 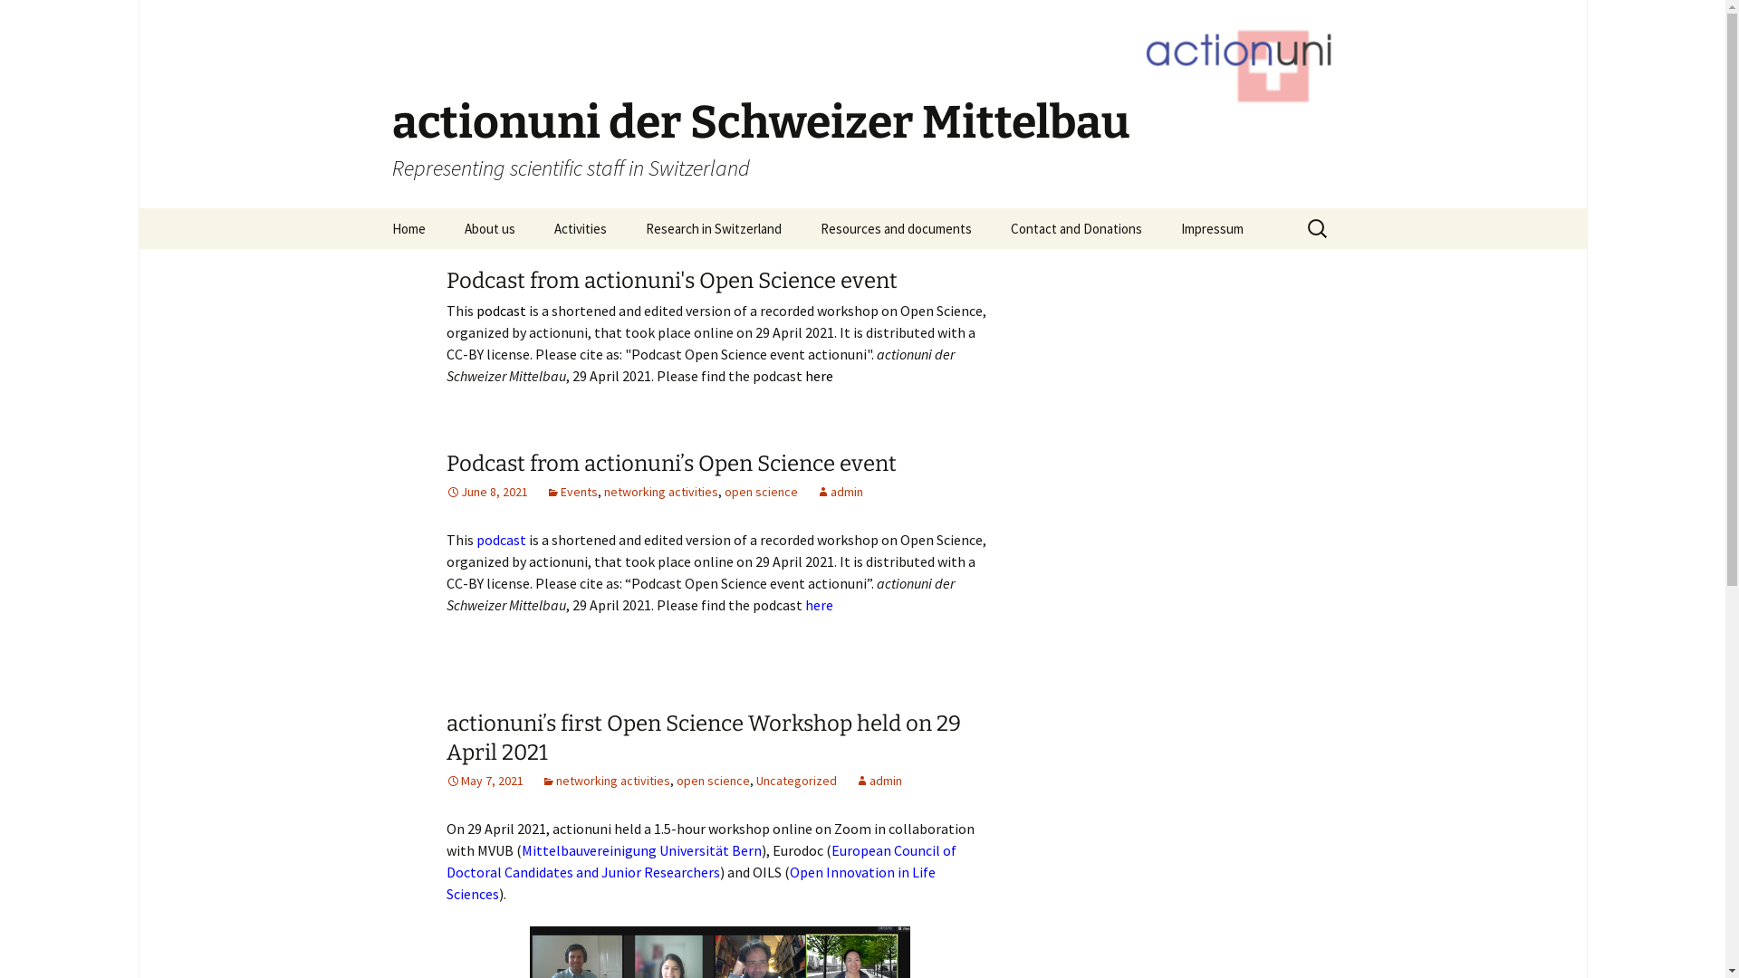 I want to click on 'Skip to content', so click(x=372, y=207).